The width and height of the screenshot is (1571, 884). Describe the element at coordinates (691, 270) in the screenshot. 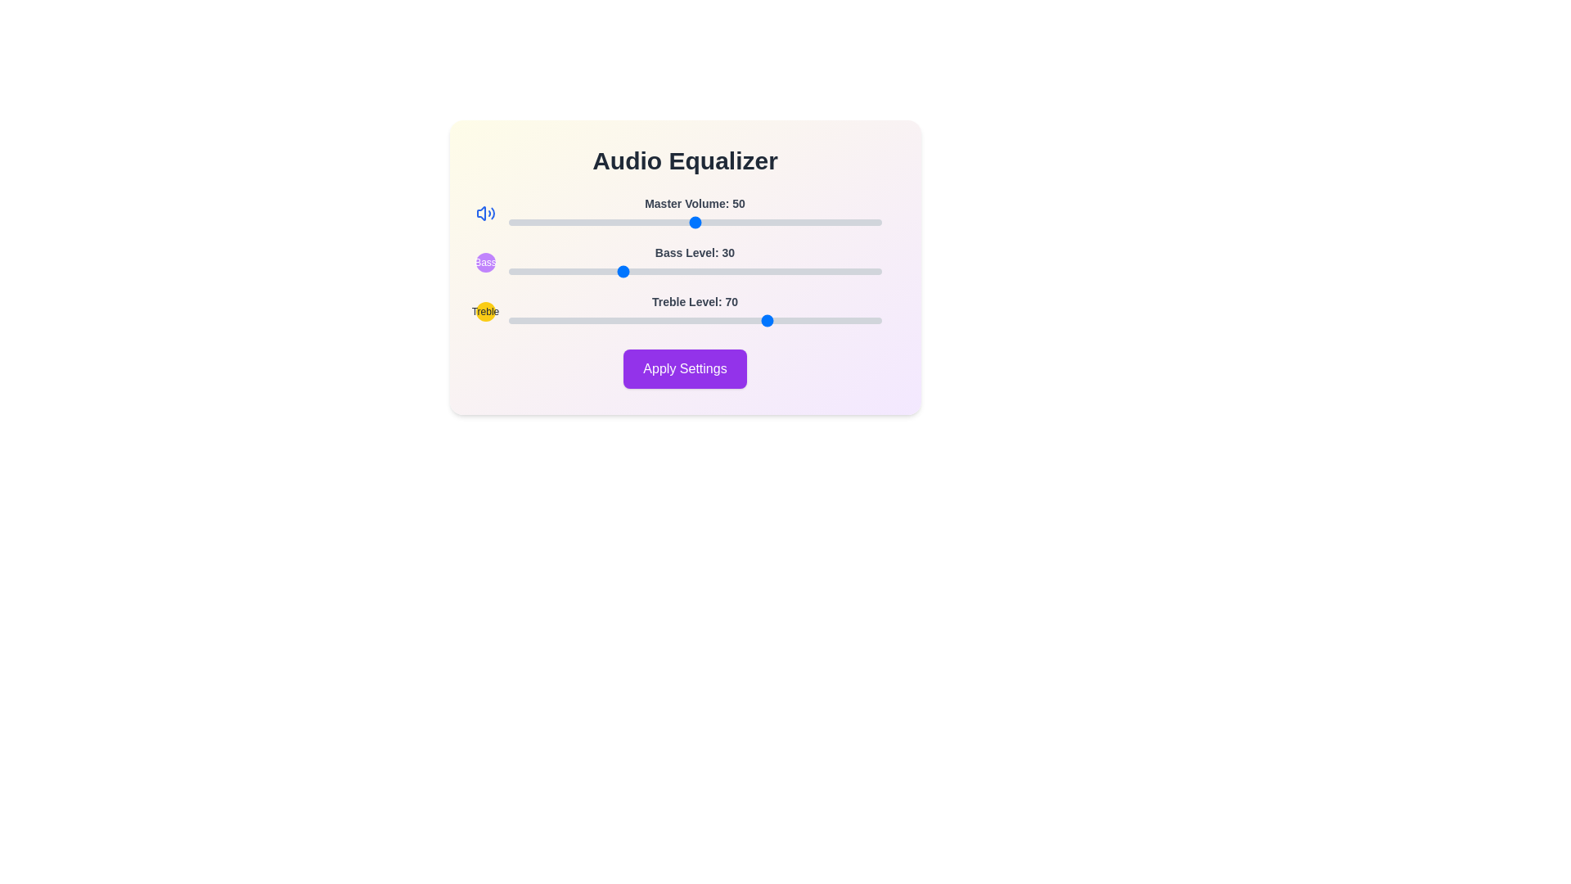

I see `the bass level` at that location.